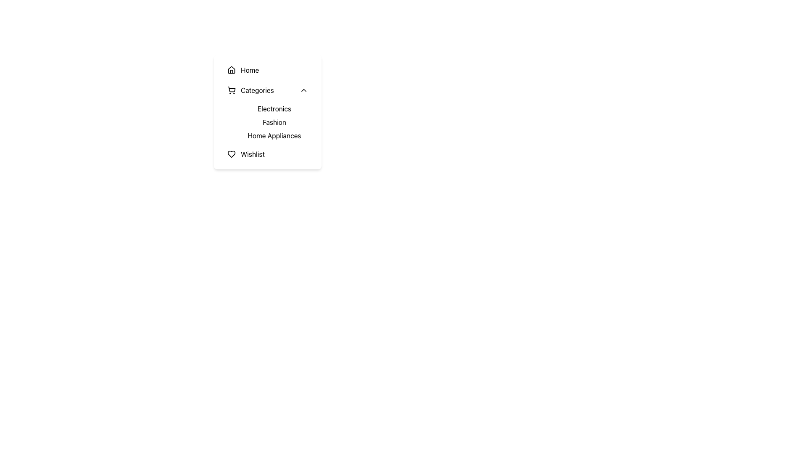 The width and height of the screenshot is (807, 454). What do you see at coordinates (303, 90) in the screenshot?
I see `the collapse/reveal icon located to the right of the 'Categories' text` at bounding box center [303, 90].